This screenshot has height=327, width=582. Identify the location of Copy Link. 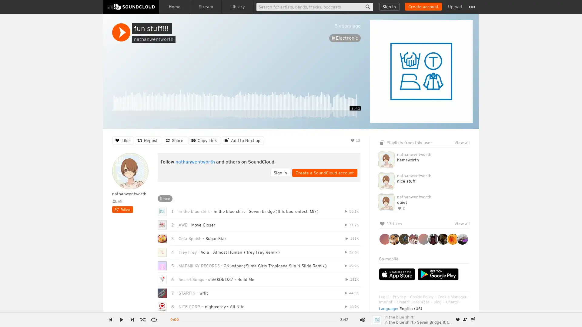
(204, 140).